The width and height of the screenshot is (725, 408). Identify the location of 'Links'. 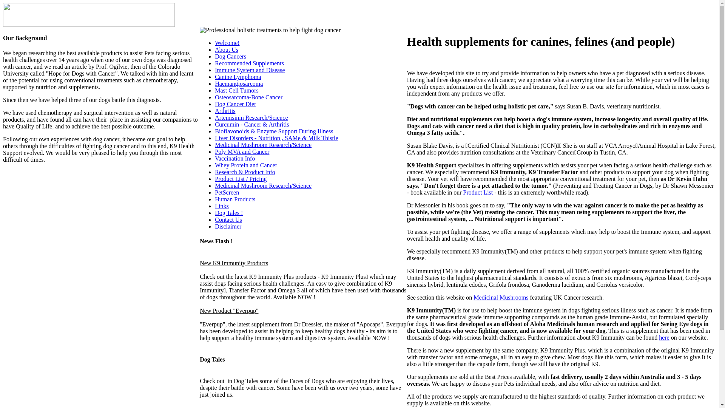
(221, 206).